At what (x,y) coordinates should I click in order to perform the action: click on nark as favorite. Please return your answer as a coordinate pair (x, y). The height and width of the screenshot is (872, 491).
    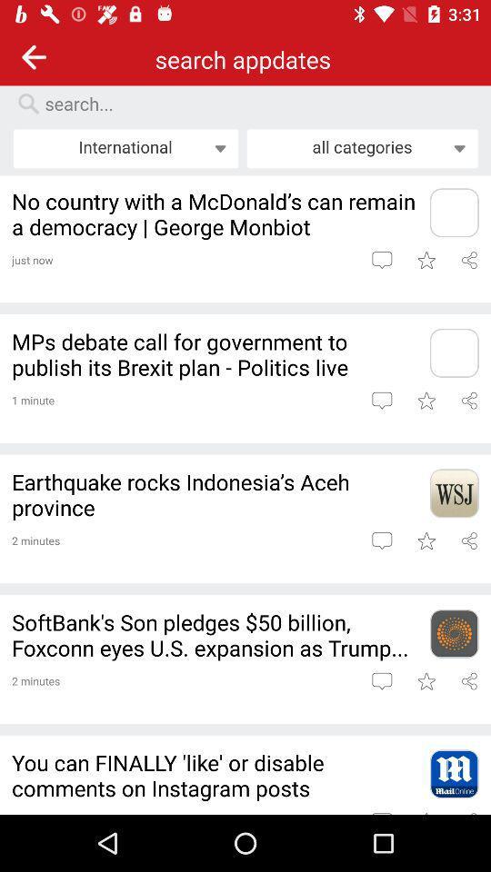
    Looking at the image, I should click on (426, 540).